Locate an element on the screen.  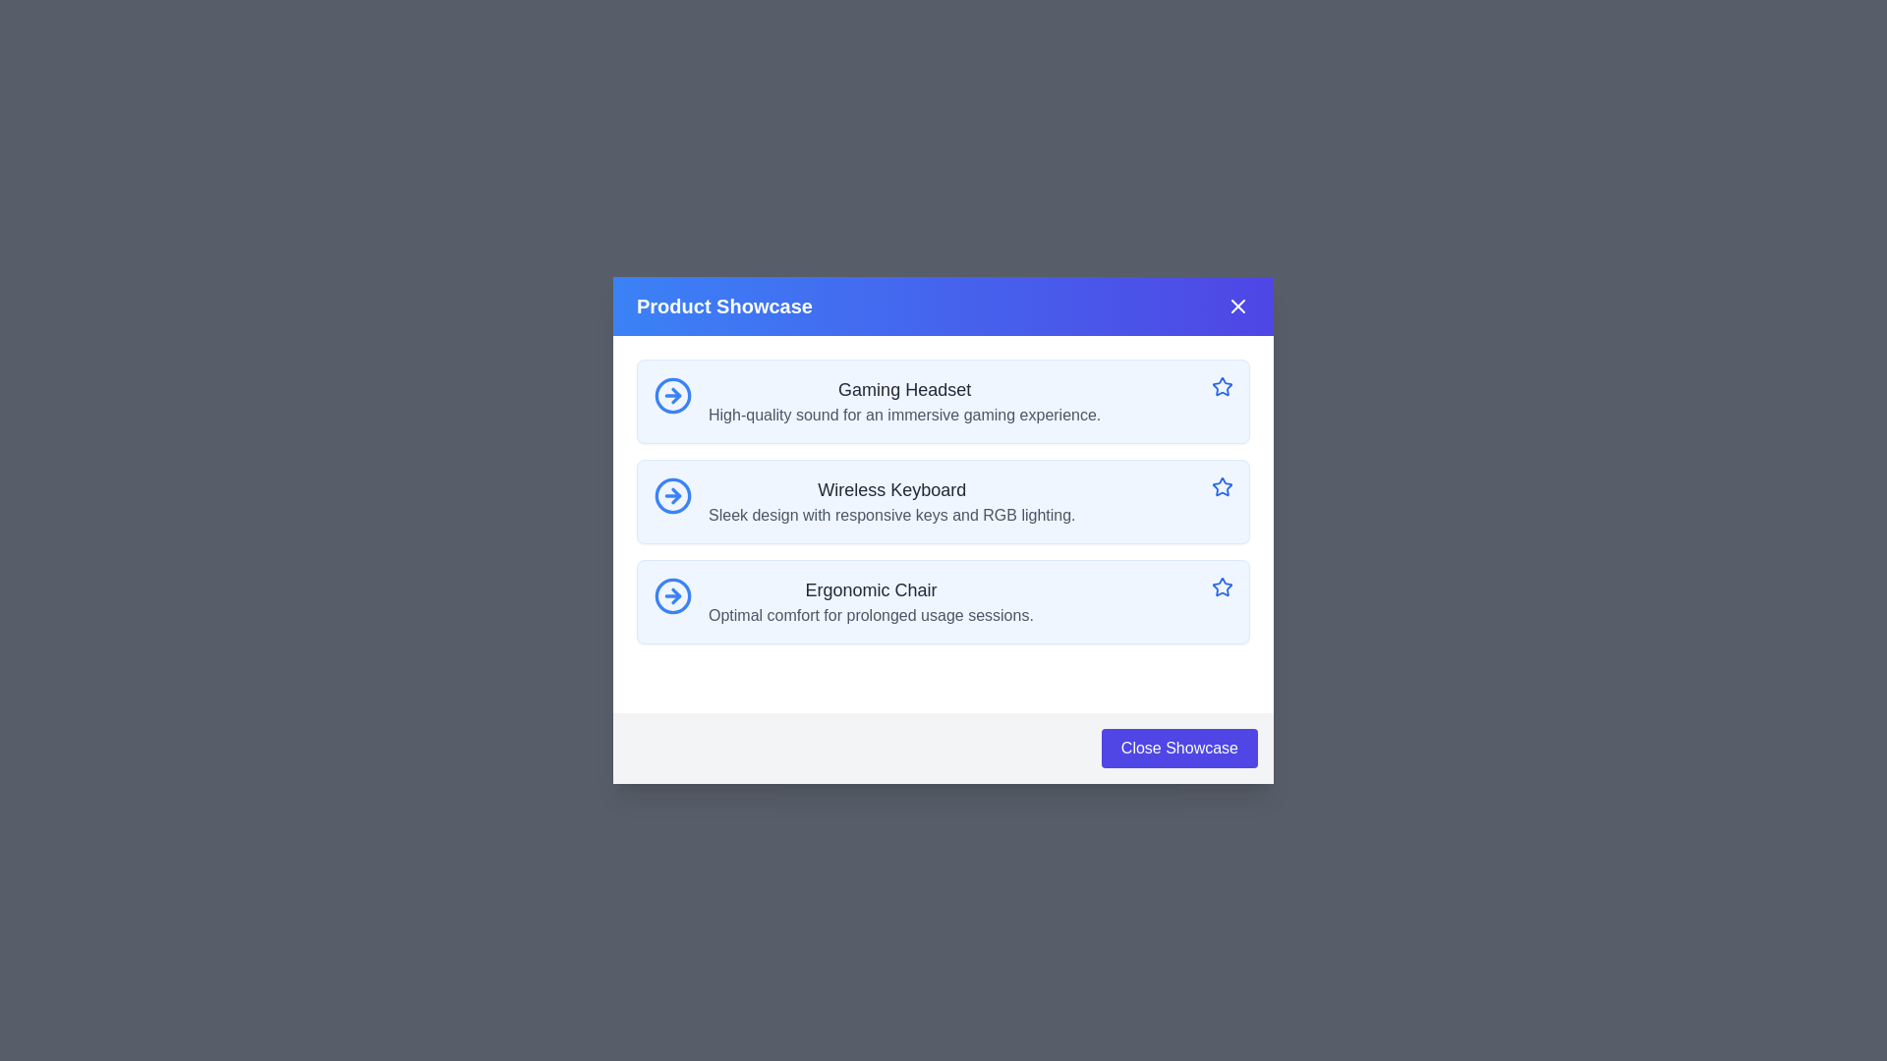
the blue star-shaped interactive graphic with a hollow center, positioned to the far right of the 'Ergonomic Chair' information tile is located at coordinates (1221, 586).